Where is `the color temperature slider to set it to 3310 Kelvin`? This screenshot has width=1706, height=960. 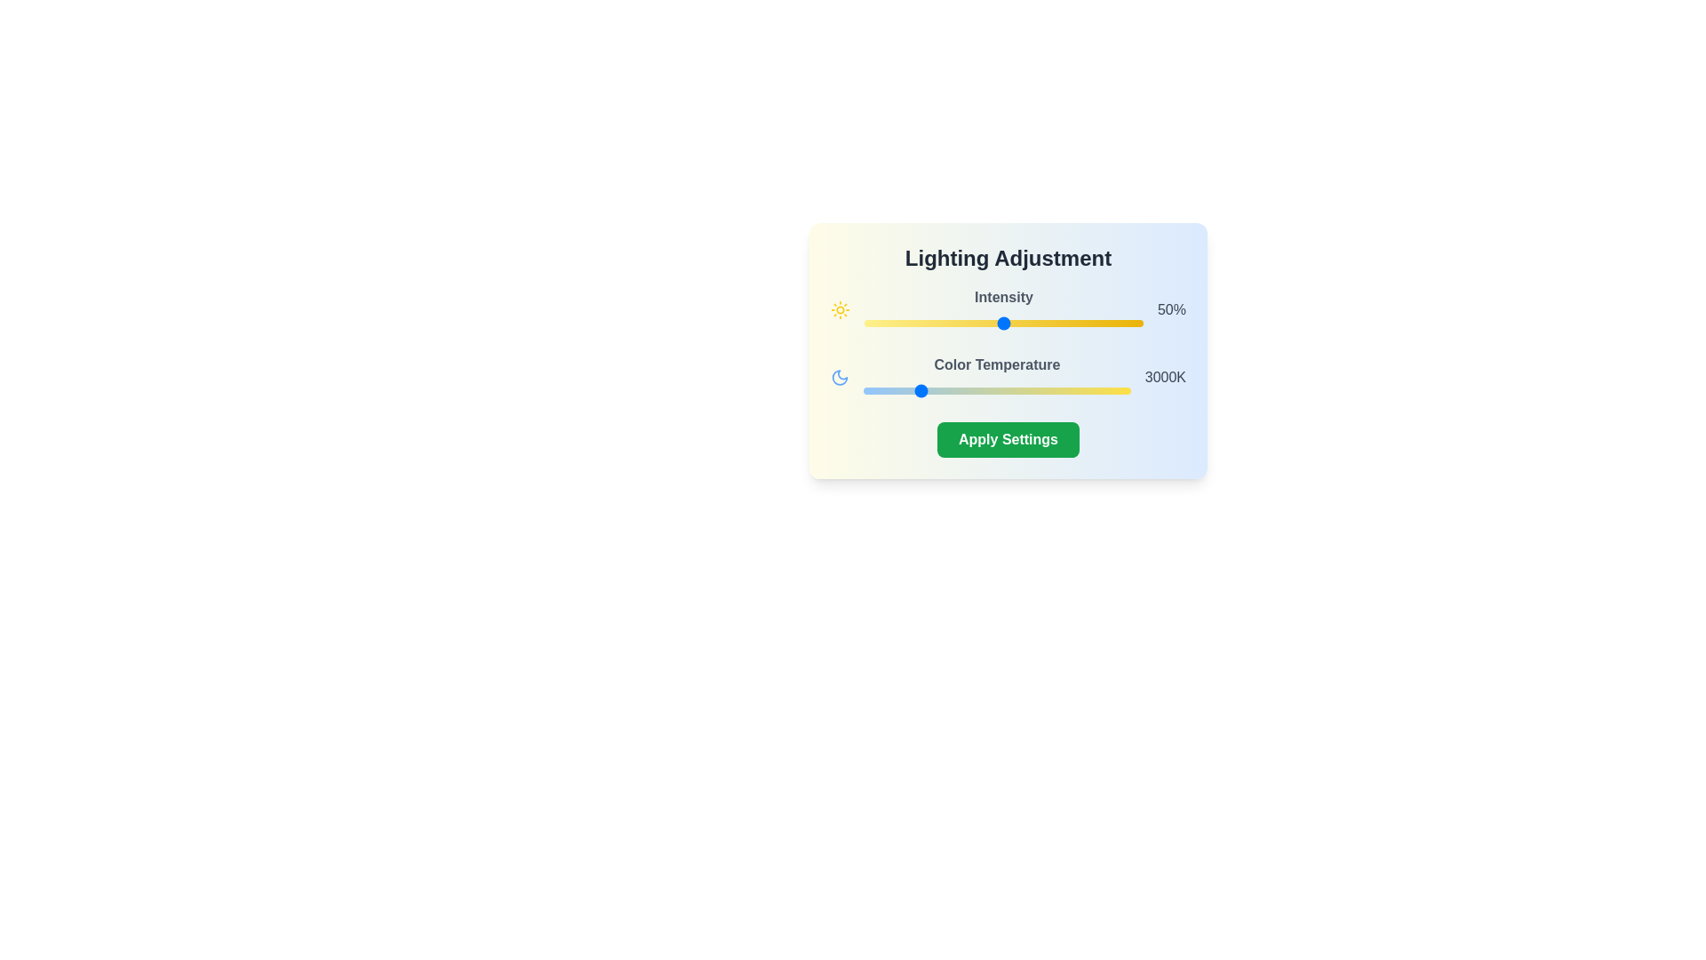 the color temperature slider to set it to 3310 Kelvin is located at coordinates (932, 389).